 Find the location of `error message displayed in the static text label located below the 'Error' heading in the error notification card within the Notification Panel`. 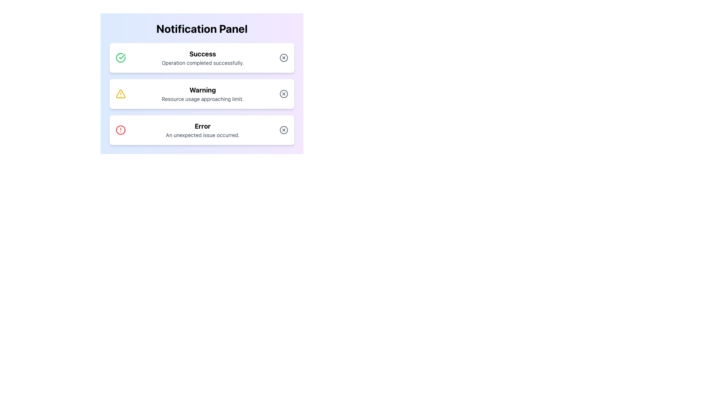

error message displayed in the static text label located below the 'Error' heading in the error notification card within the Notification Panel is located at coordinates (203, 135).